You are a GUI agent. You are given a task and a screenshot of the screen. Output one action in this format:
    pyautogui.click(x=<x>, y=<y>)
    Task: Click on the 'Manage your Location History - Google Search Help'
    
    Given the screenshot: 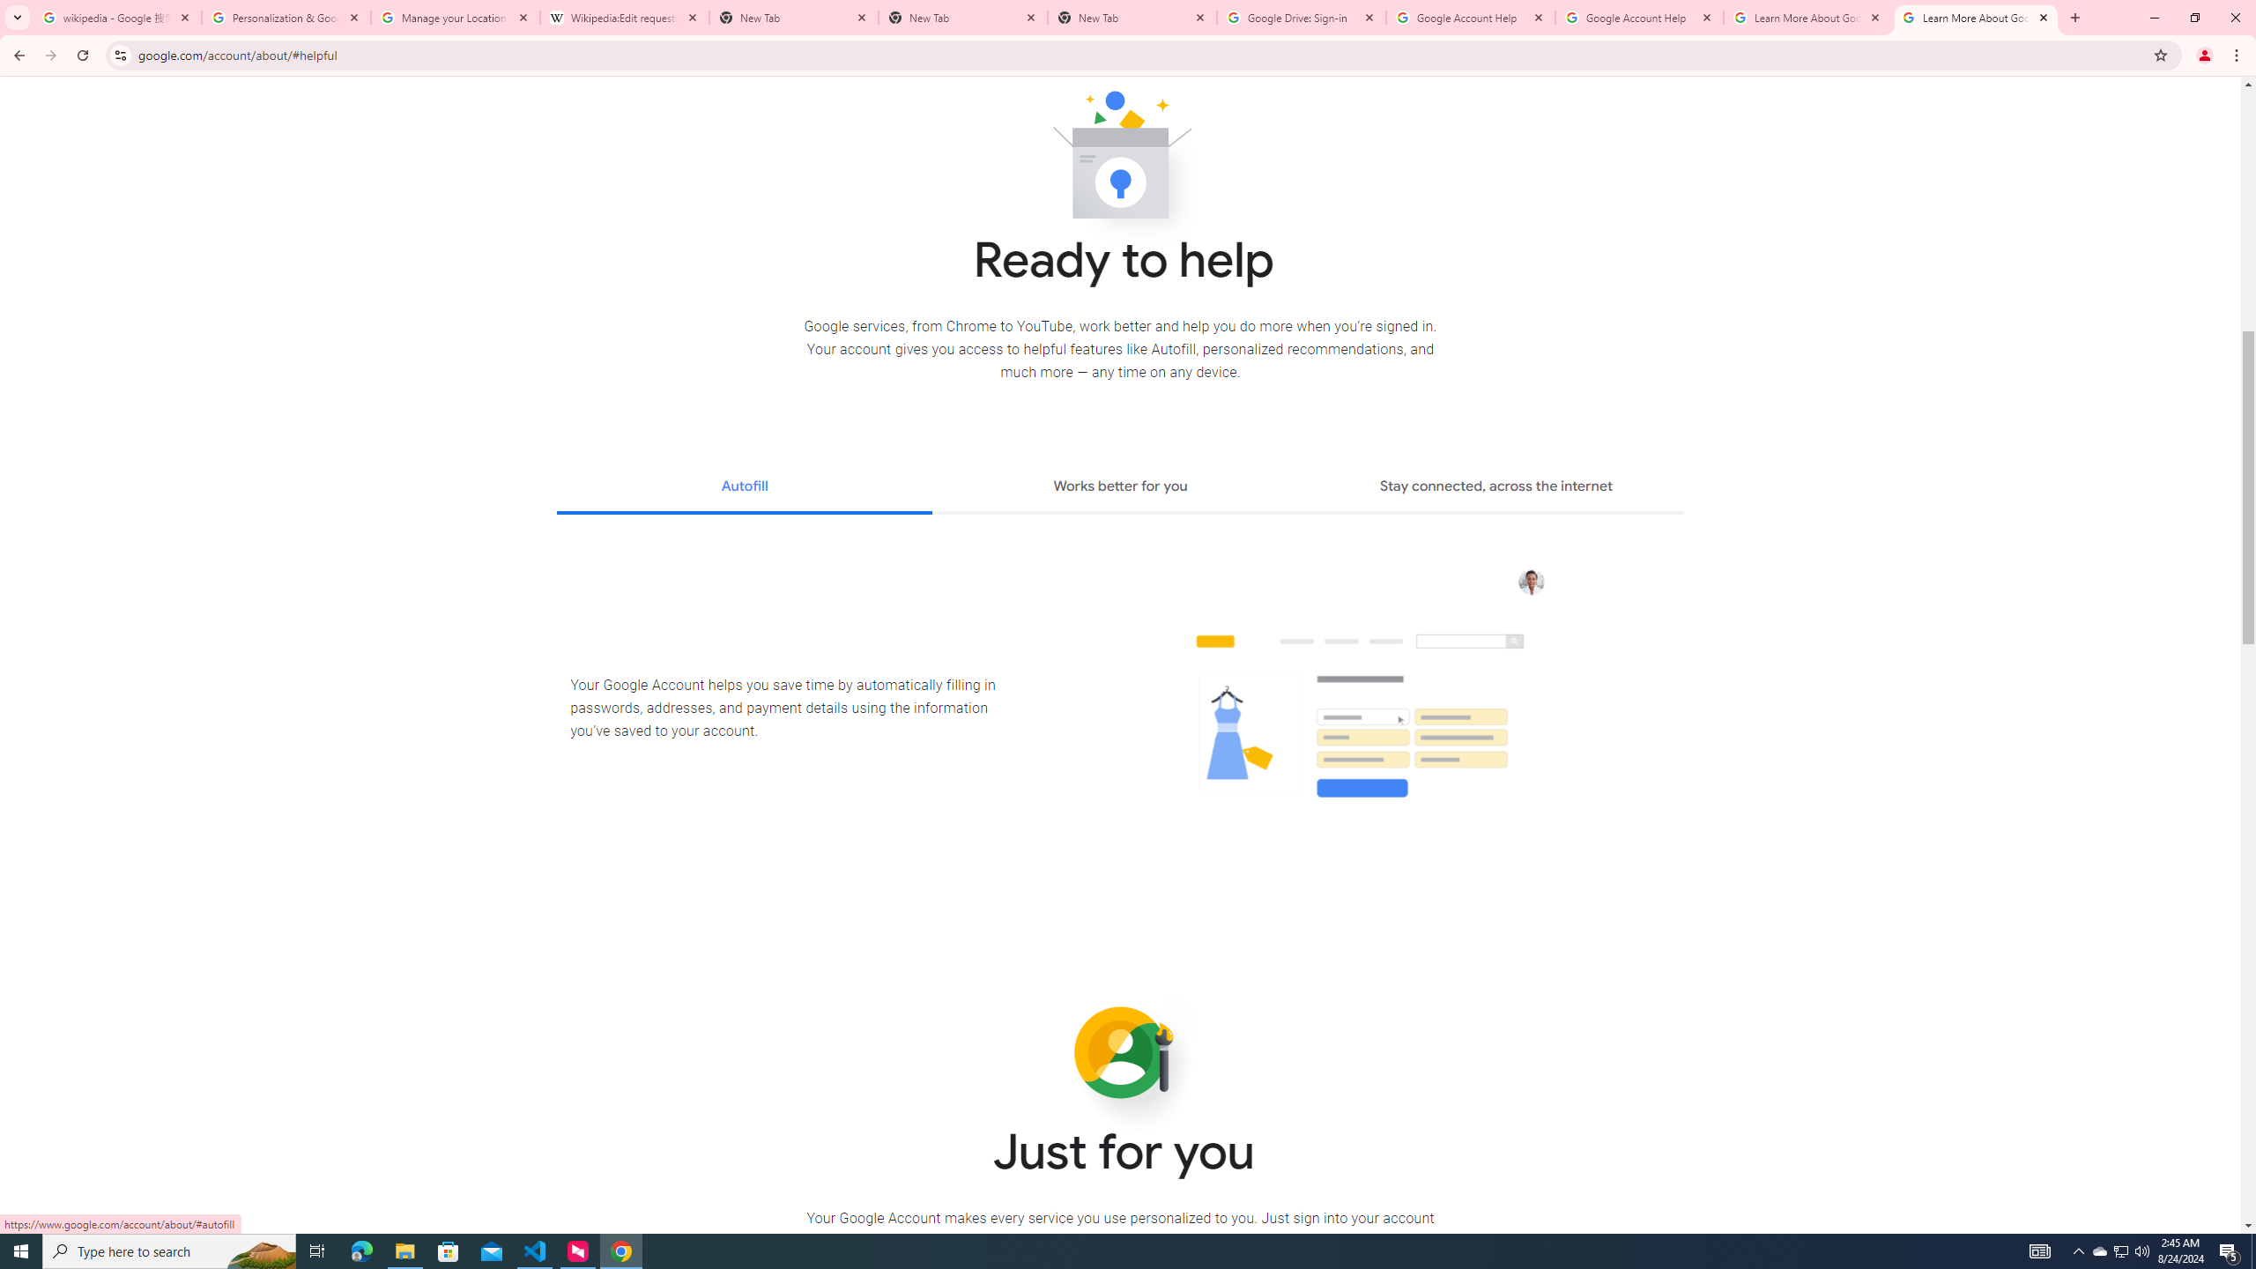 What is the action you would take?
    pyautogui.click(x=456, y=17)
    